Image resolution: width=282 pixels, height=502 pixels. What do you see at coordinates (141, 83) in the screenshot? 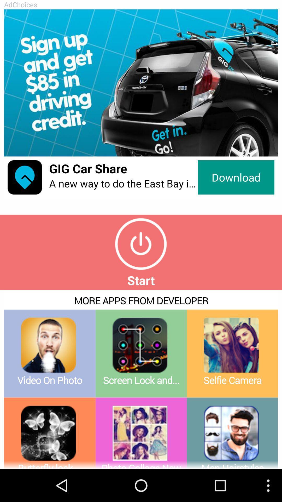
I see `advertising` at bounding box center [141, 83].